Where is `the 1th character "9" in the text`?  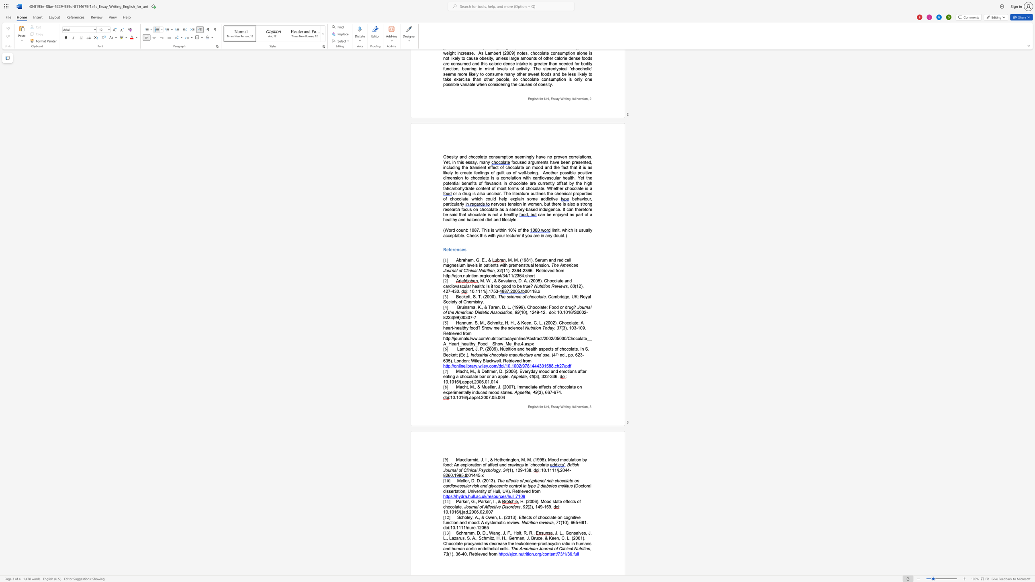 the 1th character "9" in the text is located at coordinates (583, 328).